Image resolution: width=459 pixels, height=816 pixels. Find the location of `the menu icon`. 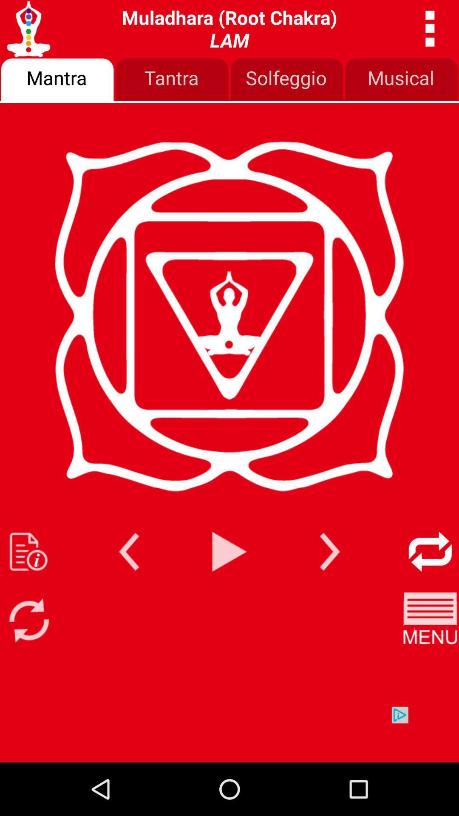

the menu icon is located at coordinates (430, 663).